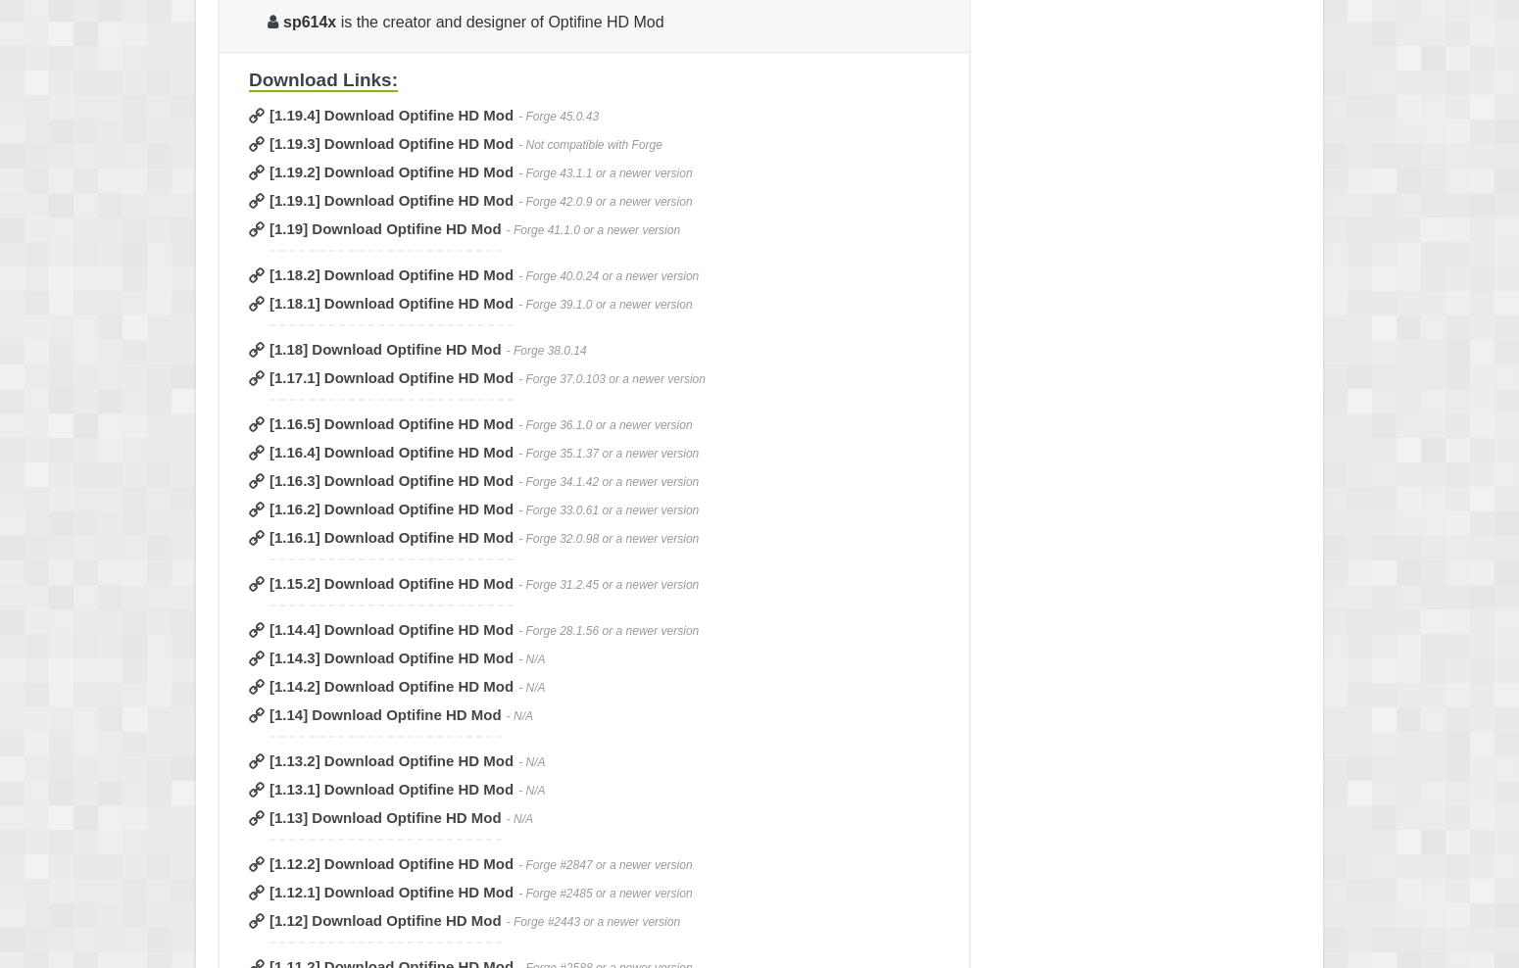 This screenshot has width=1519, height=968. Describe the element at coordinates (391, 142) in the screenshot. I see `'[1.19.3] Download Optifine HD Mod'` at that location.